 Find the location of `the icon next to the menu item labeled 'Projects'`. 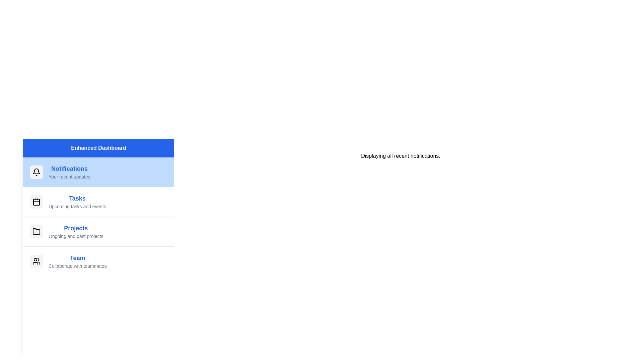

the icon next to the menu item labeled 'Projects' is located at coordinates (36, 231).